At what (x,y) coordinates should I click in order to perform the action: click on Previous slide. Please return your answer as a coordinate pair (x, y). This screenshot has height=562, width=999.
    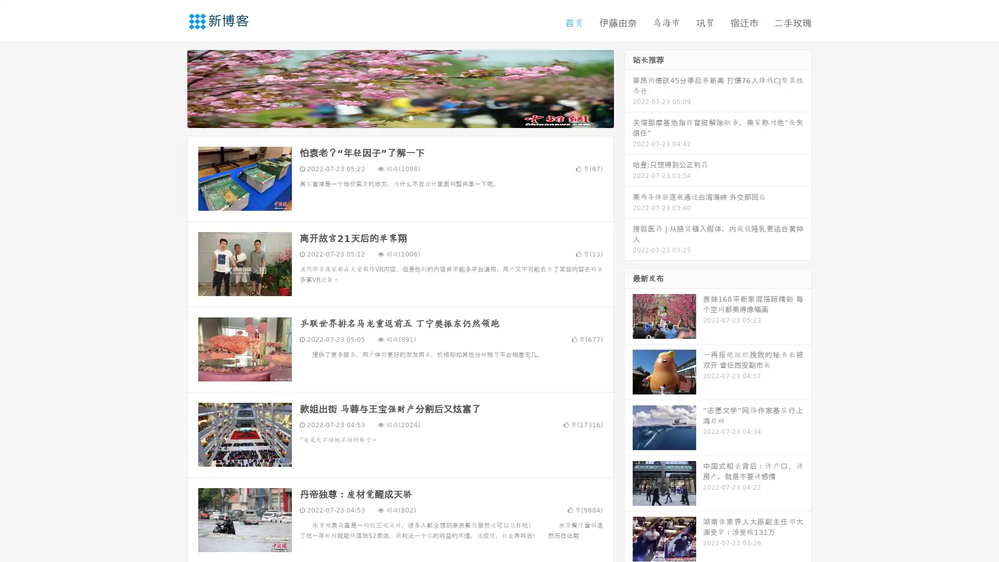
    Looking at the image, I should click on (172, 87).